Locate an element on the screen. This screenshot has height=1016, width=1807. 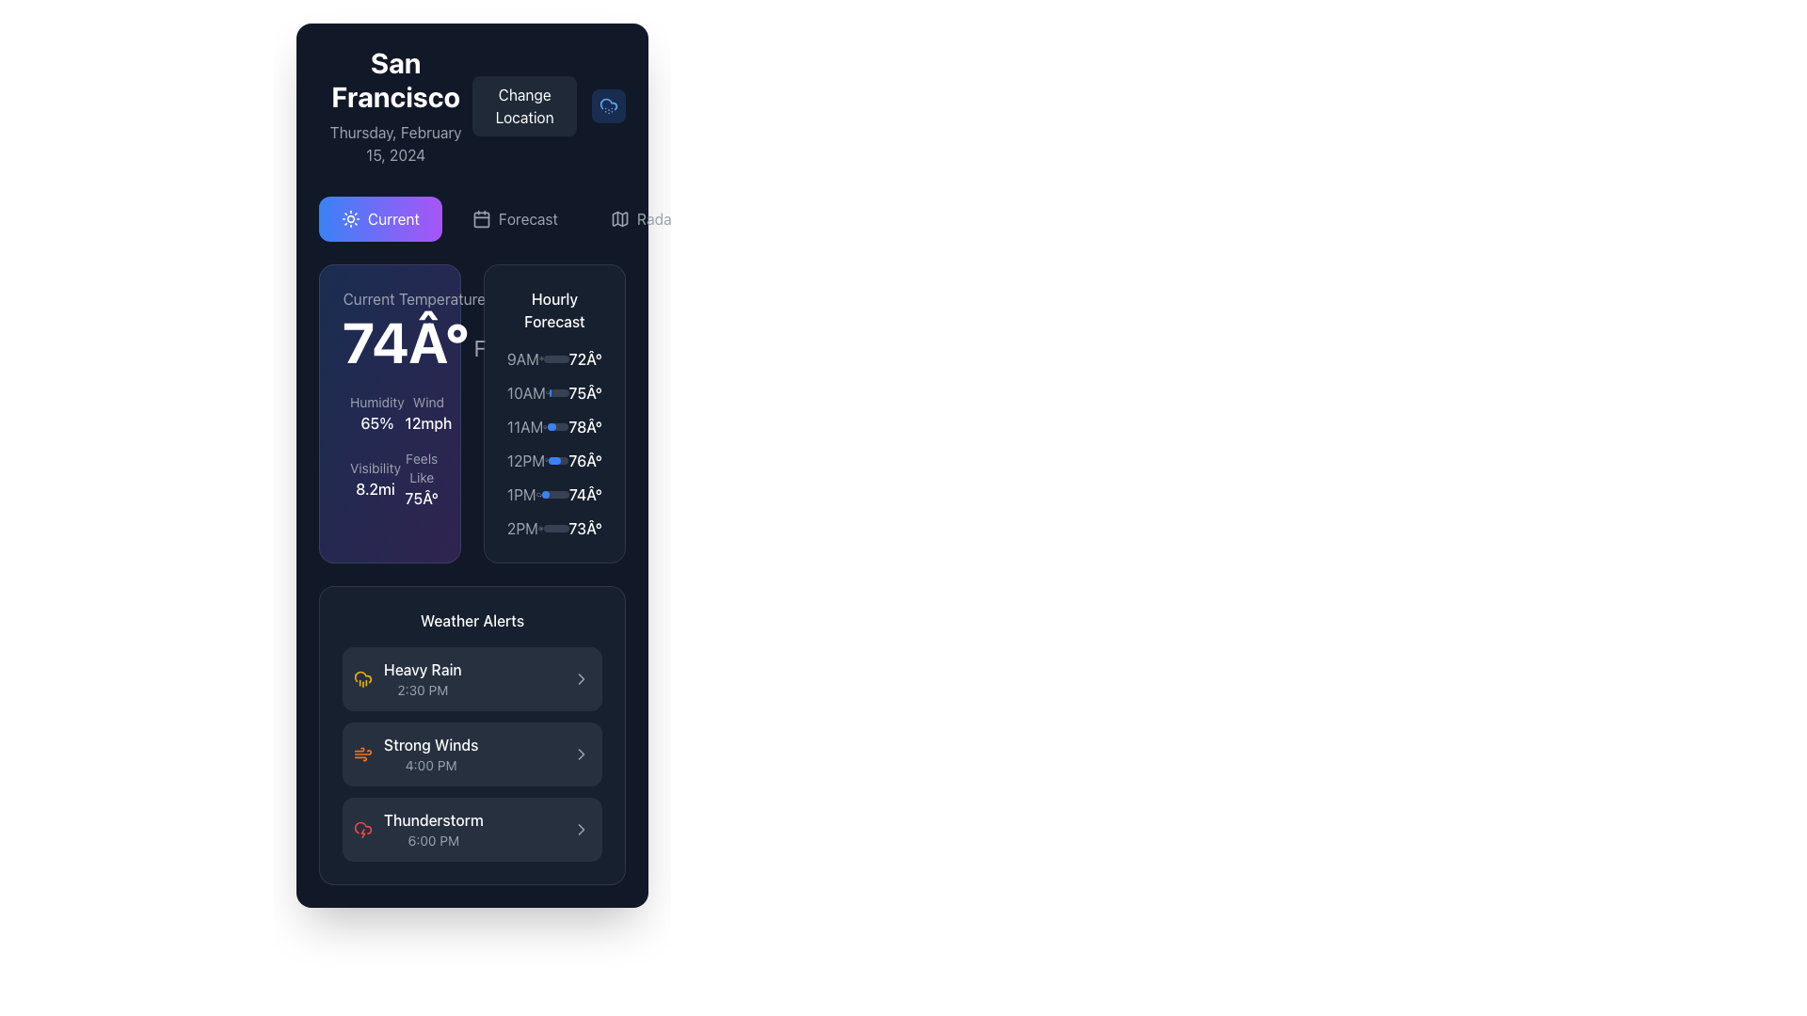
visibility measure displayed in the text information display located in the left panel below the current temperature section is located at coordinates (375, 478).